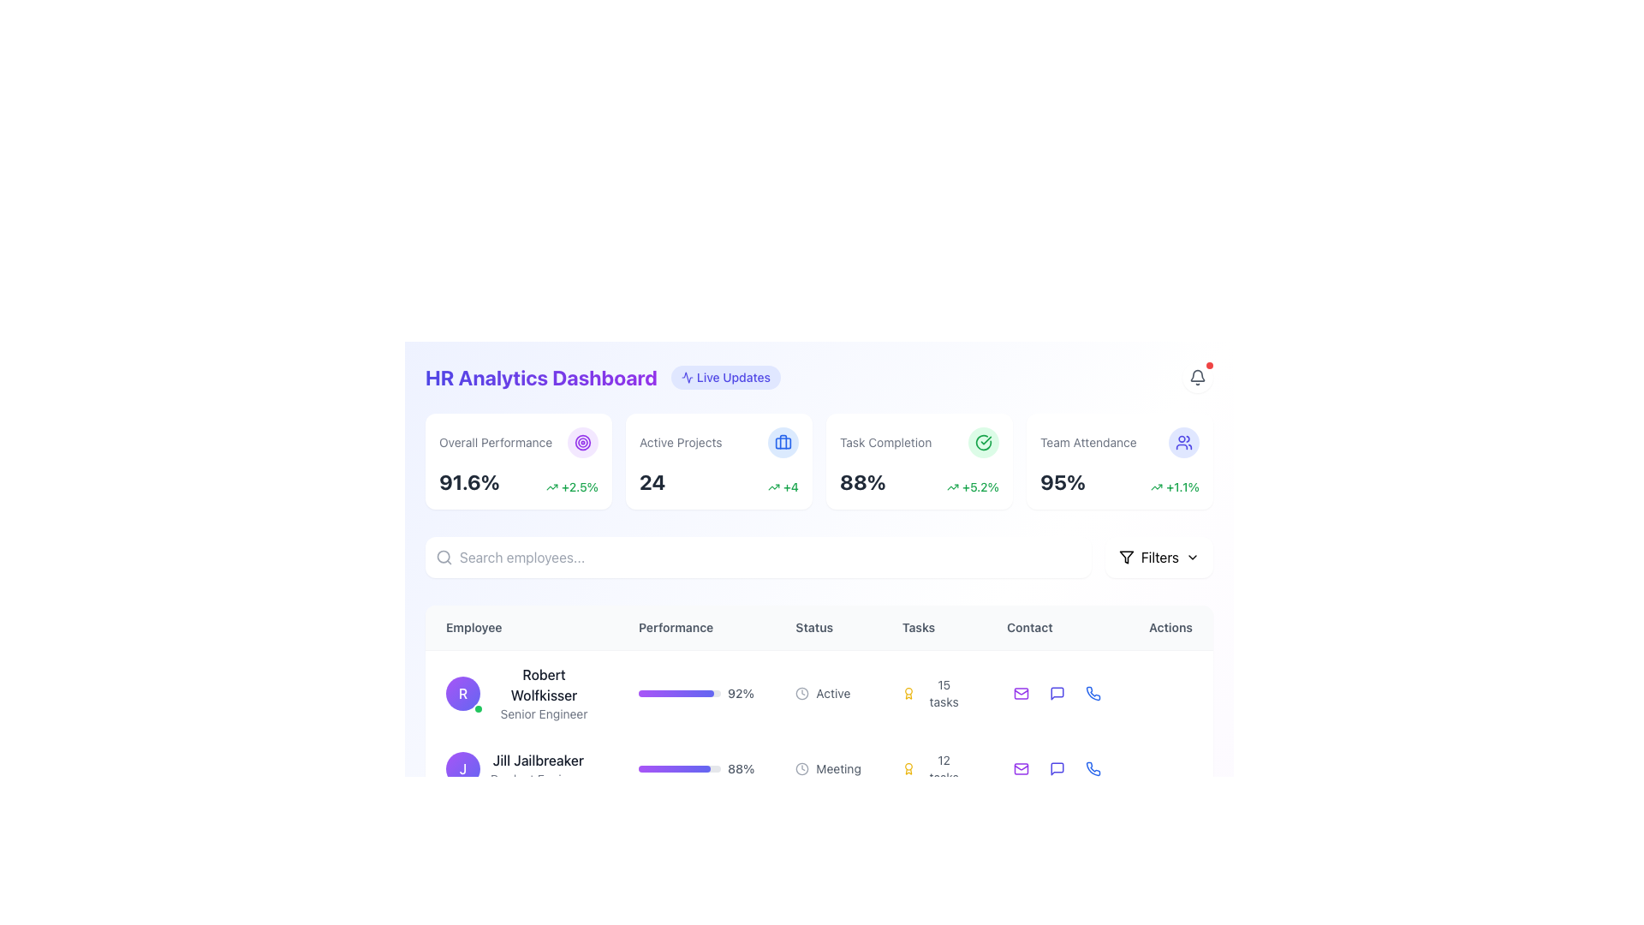 The width and height of the screenshot is (1644, 925). I want to click on the upward trending green arrow icon located before the '+5.2%' text in the 'Task Completion' section, so click(952, 487).